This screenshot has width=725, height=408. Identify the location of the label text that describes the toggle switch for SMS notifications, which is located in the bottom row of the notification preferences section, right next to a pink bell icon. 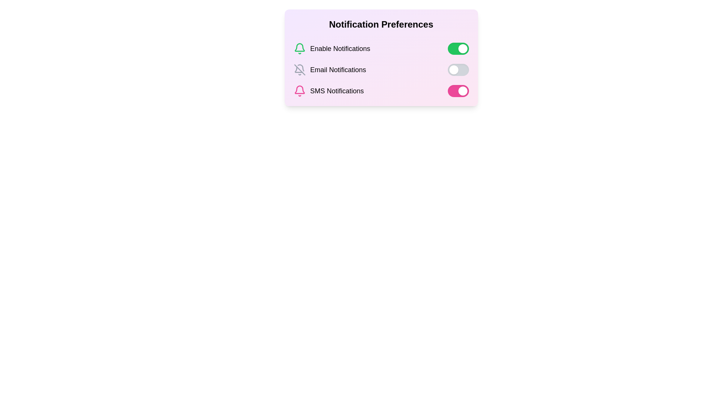
(336, 90).